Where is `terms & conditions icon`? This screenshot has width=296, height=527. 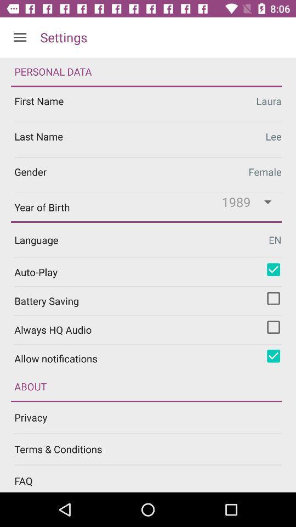 terms & conditions icon is located at coordinates (155, 449).